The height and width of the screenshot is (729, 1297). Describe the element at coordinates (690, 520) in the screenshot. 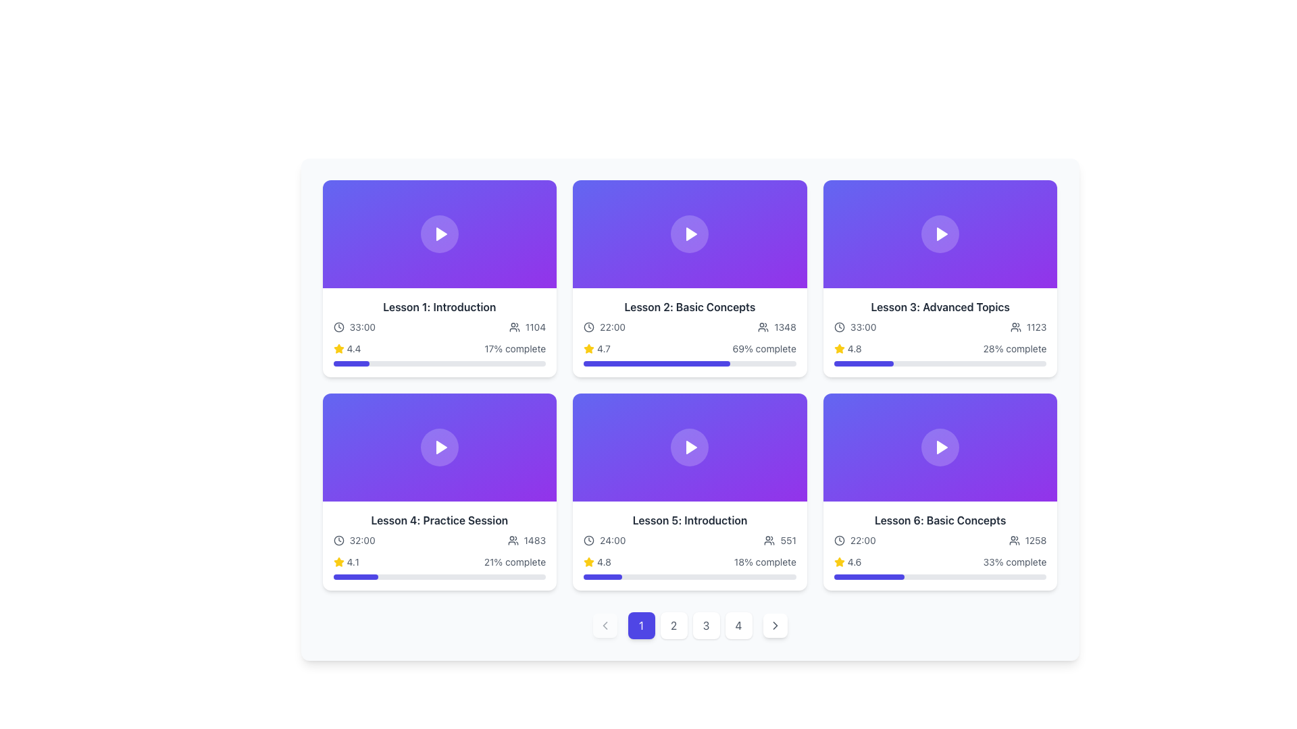

I see `text displayed in the Text Label titled 'Lesson 5: Introduction', which is located in the bottom-left tile of a grid layout` at that location.